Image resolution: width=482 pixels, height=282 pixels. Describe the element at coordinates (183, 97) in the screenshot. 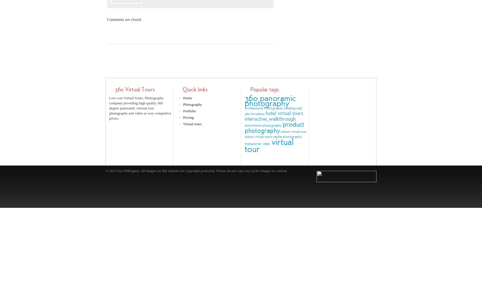

I see `'Home'` at that location.